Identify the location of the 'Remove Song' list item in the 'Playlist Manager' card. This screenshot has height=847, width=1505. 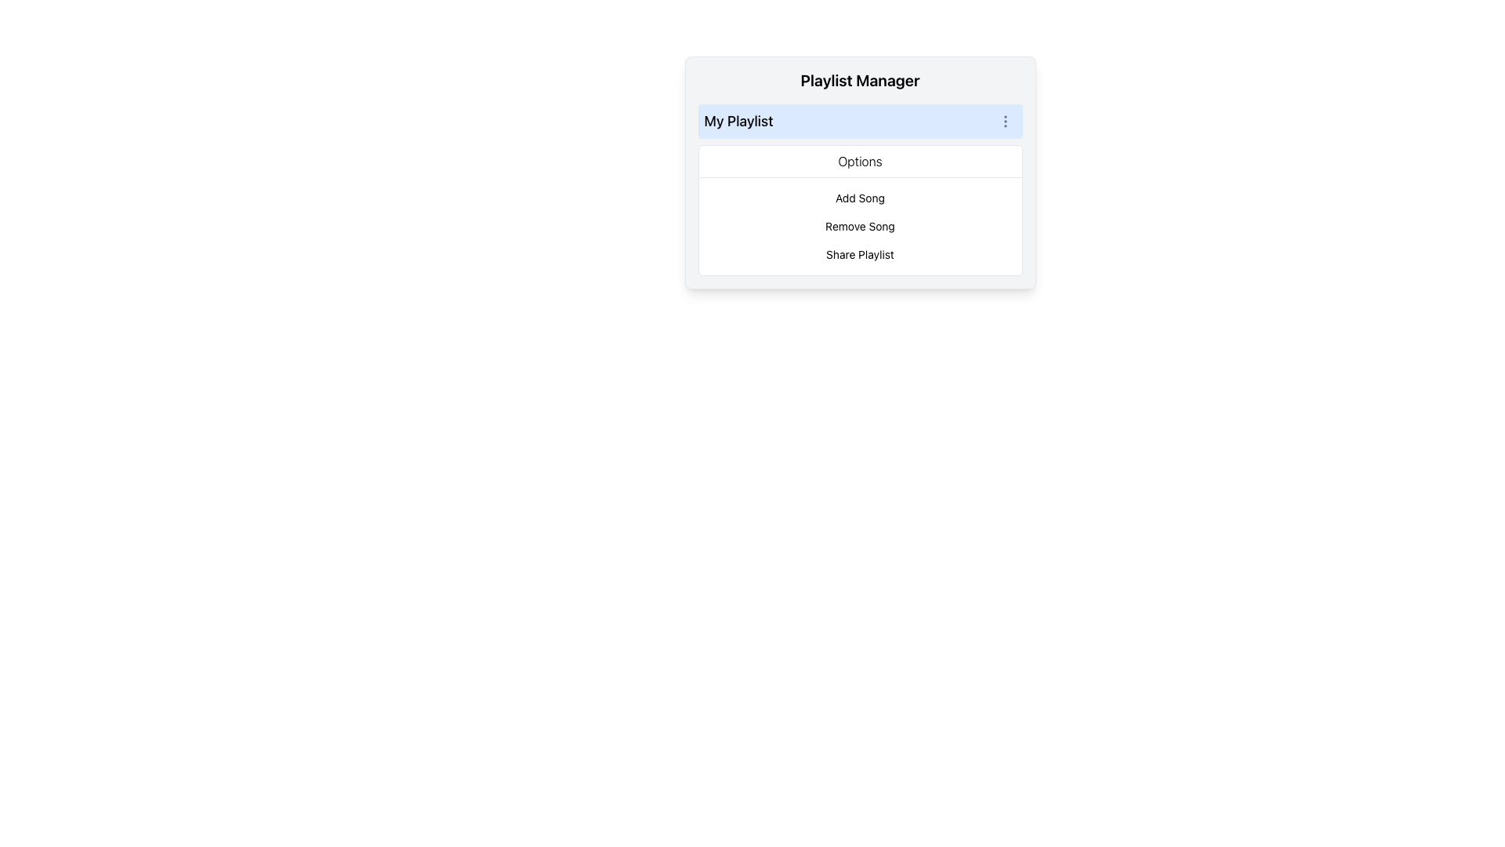
(859, 227).